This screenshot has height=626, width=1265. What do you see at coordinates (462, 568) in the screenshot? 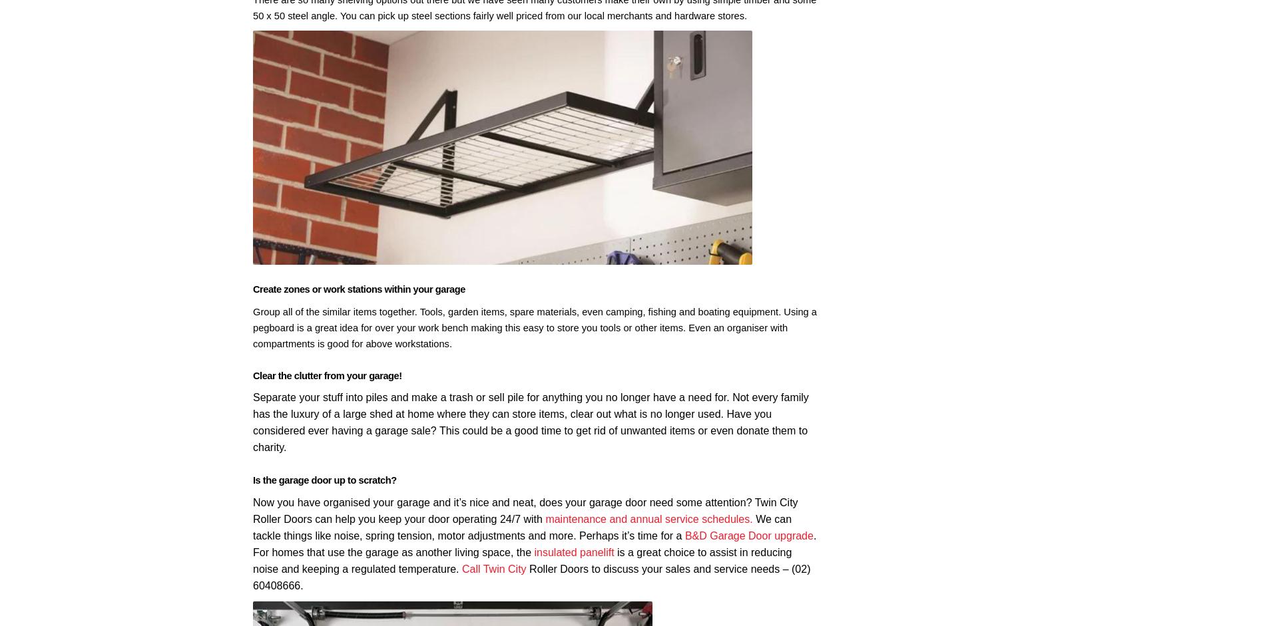
I see `'Call Twin City'` at bounding box center [462, 568].